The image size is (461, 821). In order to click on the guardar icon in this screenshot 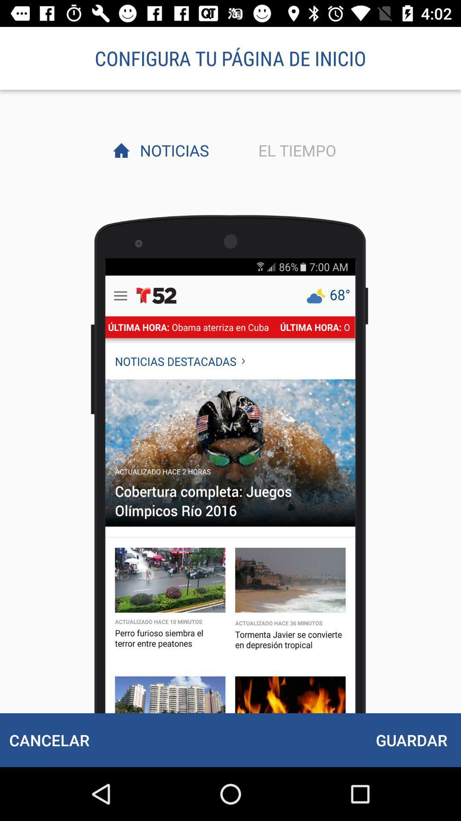, I will do `click(411, 740)`.